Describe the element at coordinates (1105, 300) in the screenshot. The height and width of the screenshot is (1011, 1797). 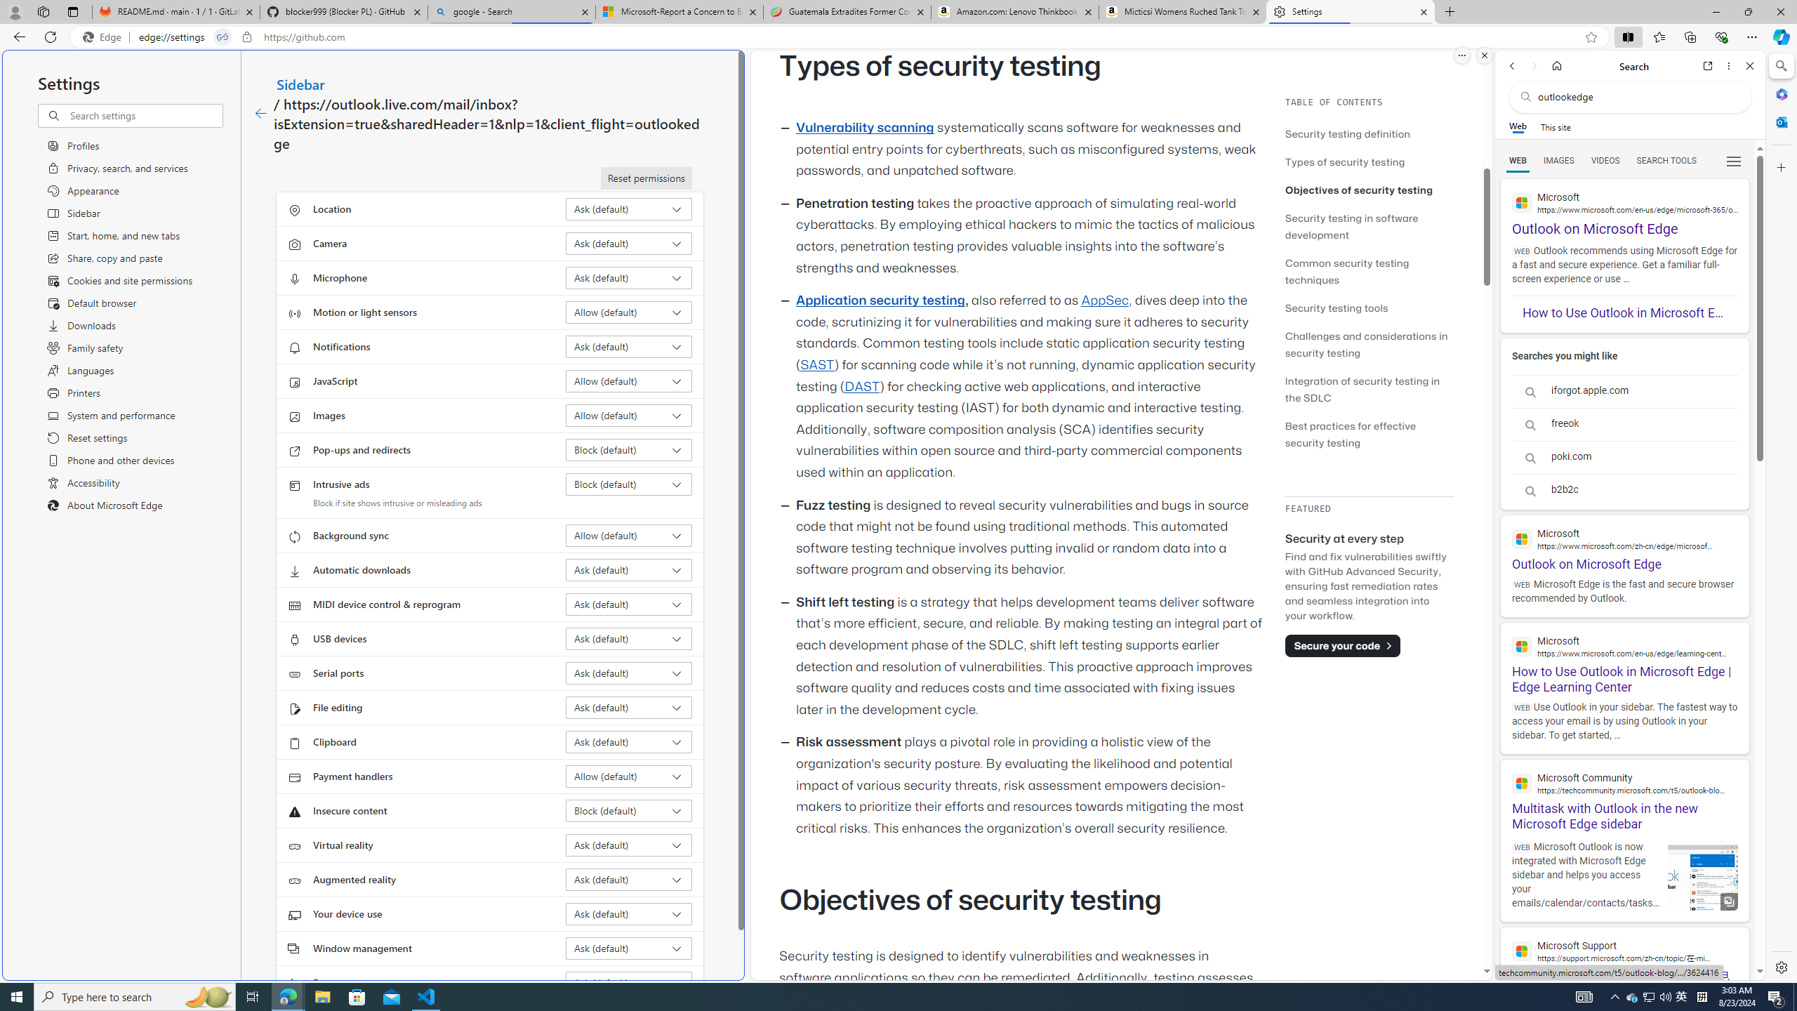
I see `'AppSec'` at that location.